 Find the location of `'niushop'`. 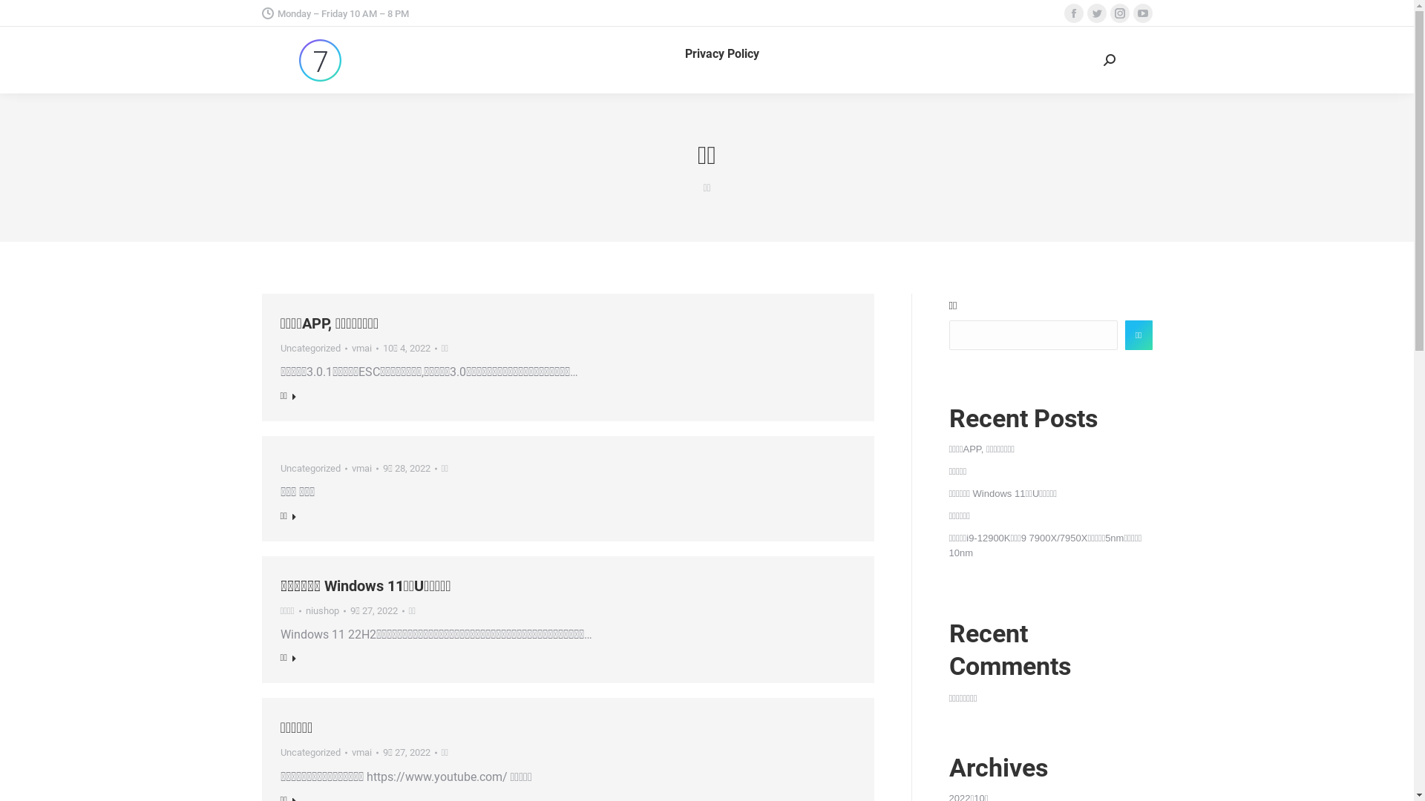

'niushop' is located at coordinates (324, 611).